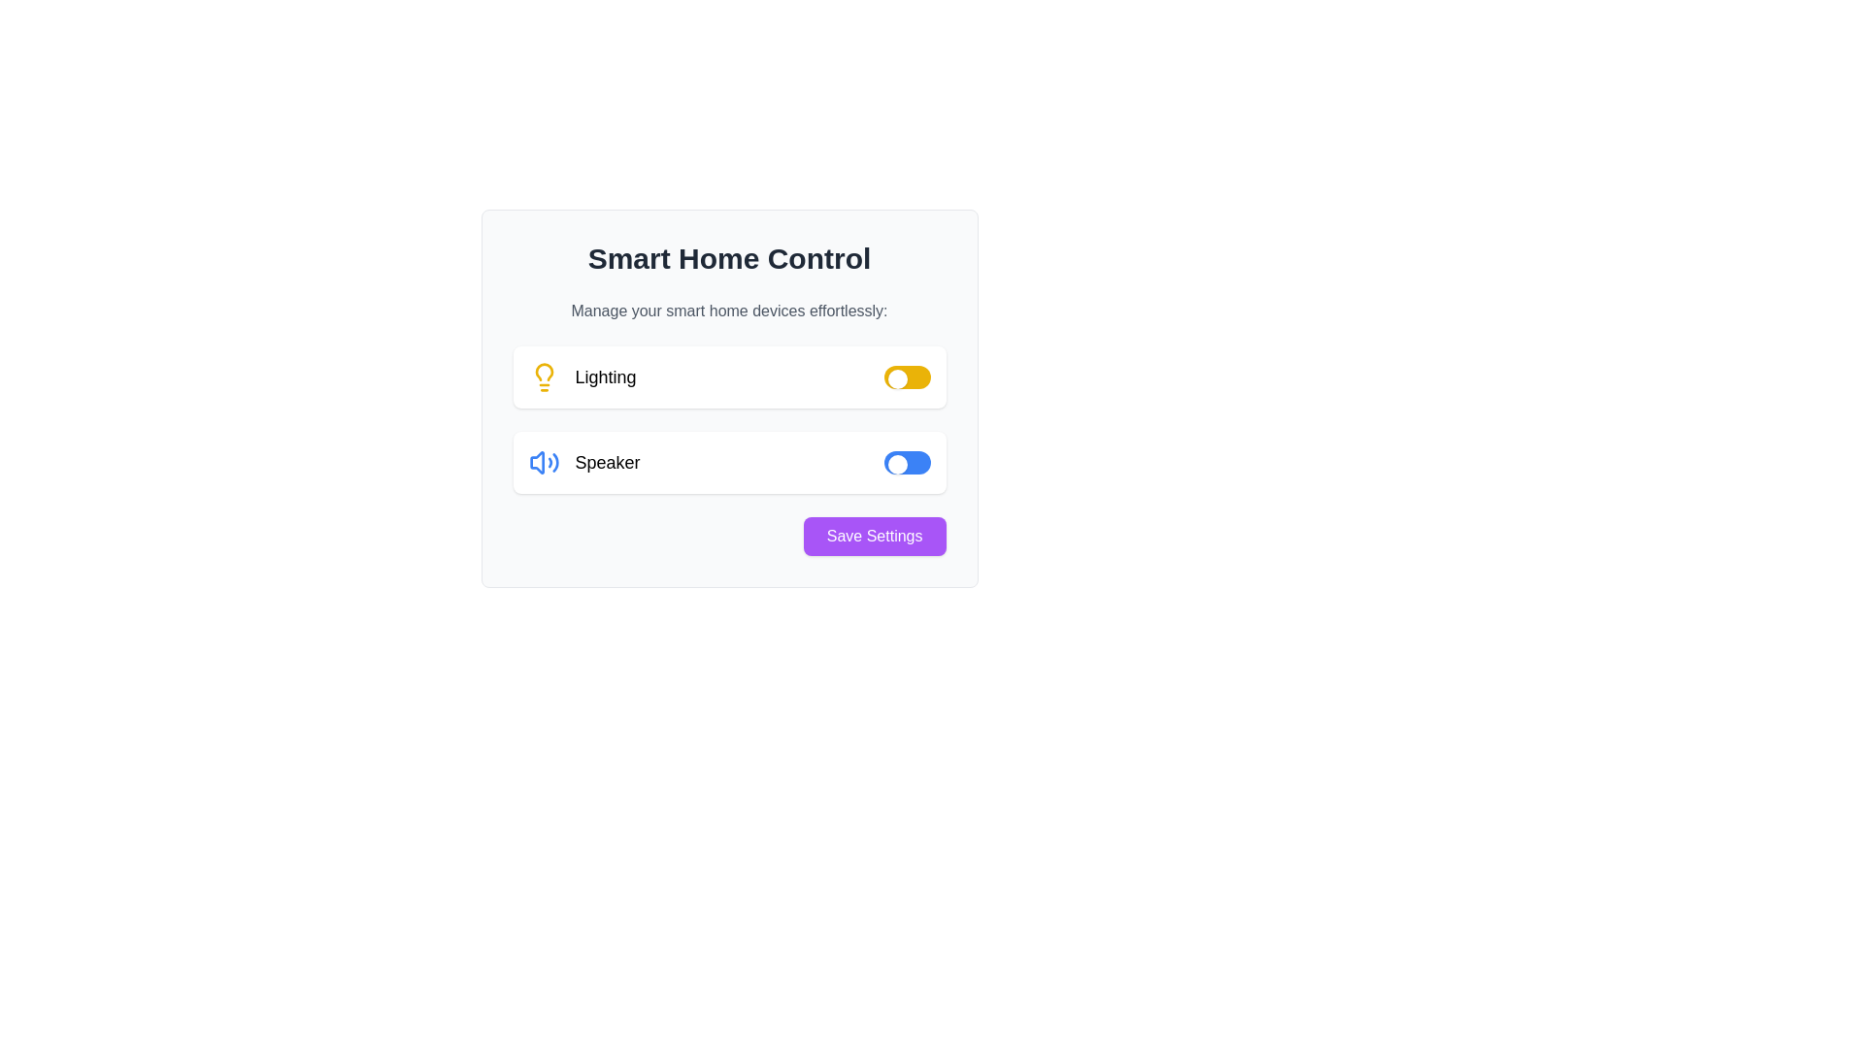  I want to click on the 'Save Settings' button, which is a prominent button with a purple background and white text, located at the bottom of the 'Smart Home Control' panel, so click(874, 536).